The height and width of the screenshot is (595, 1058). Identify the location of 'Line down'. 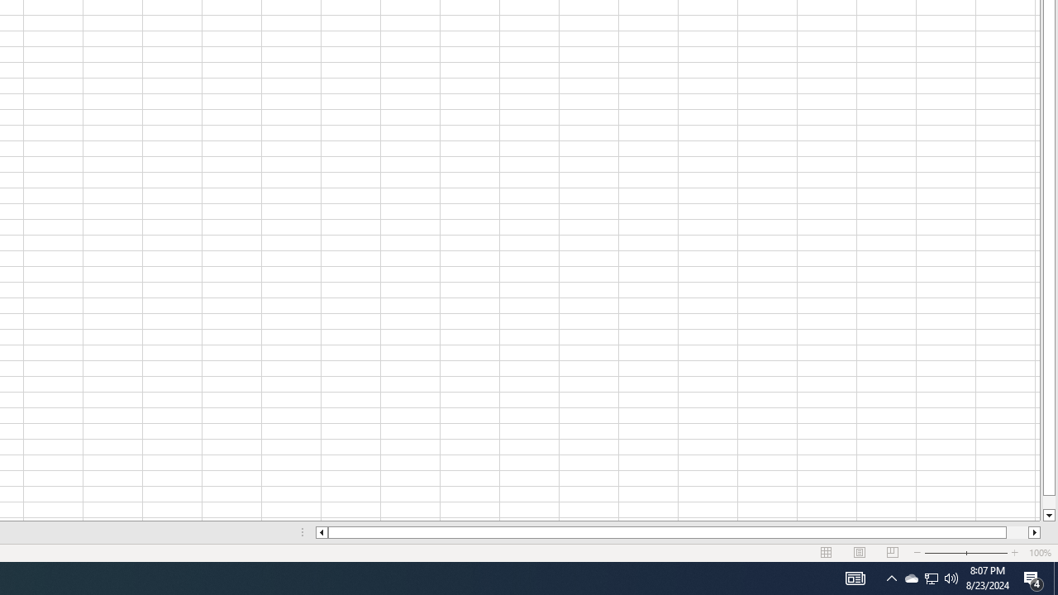
(1048, 515).